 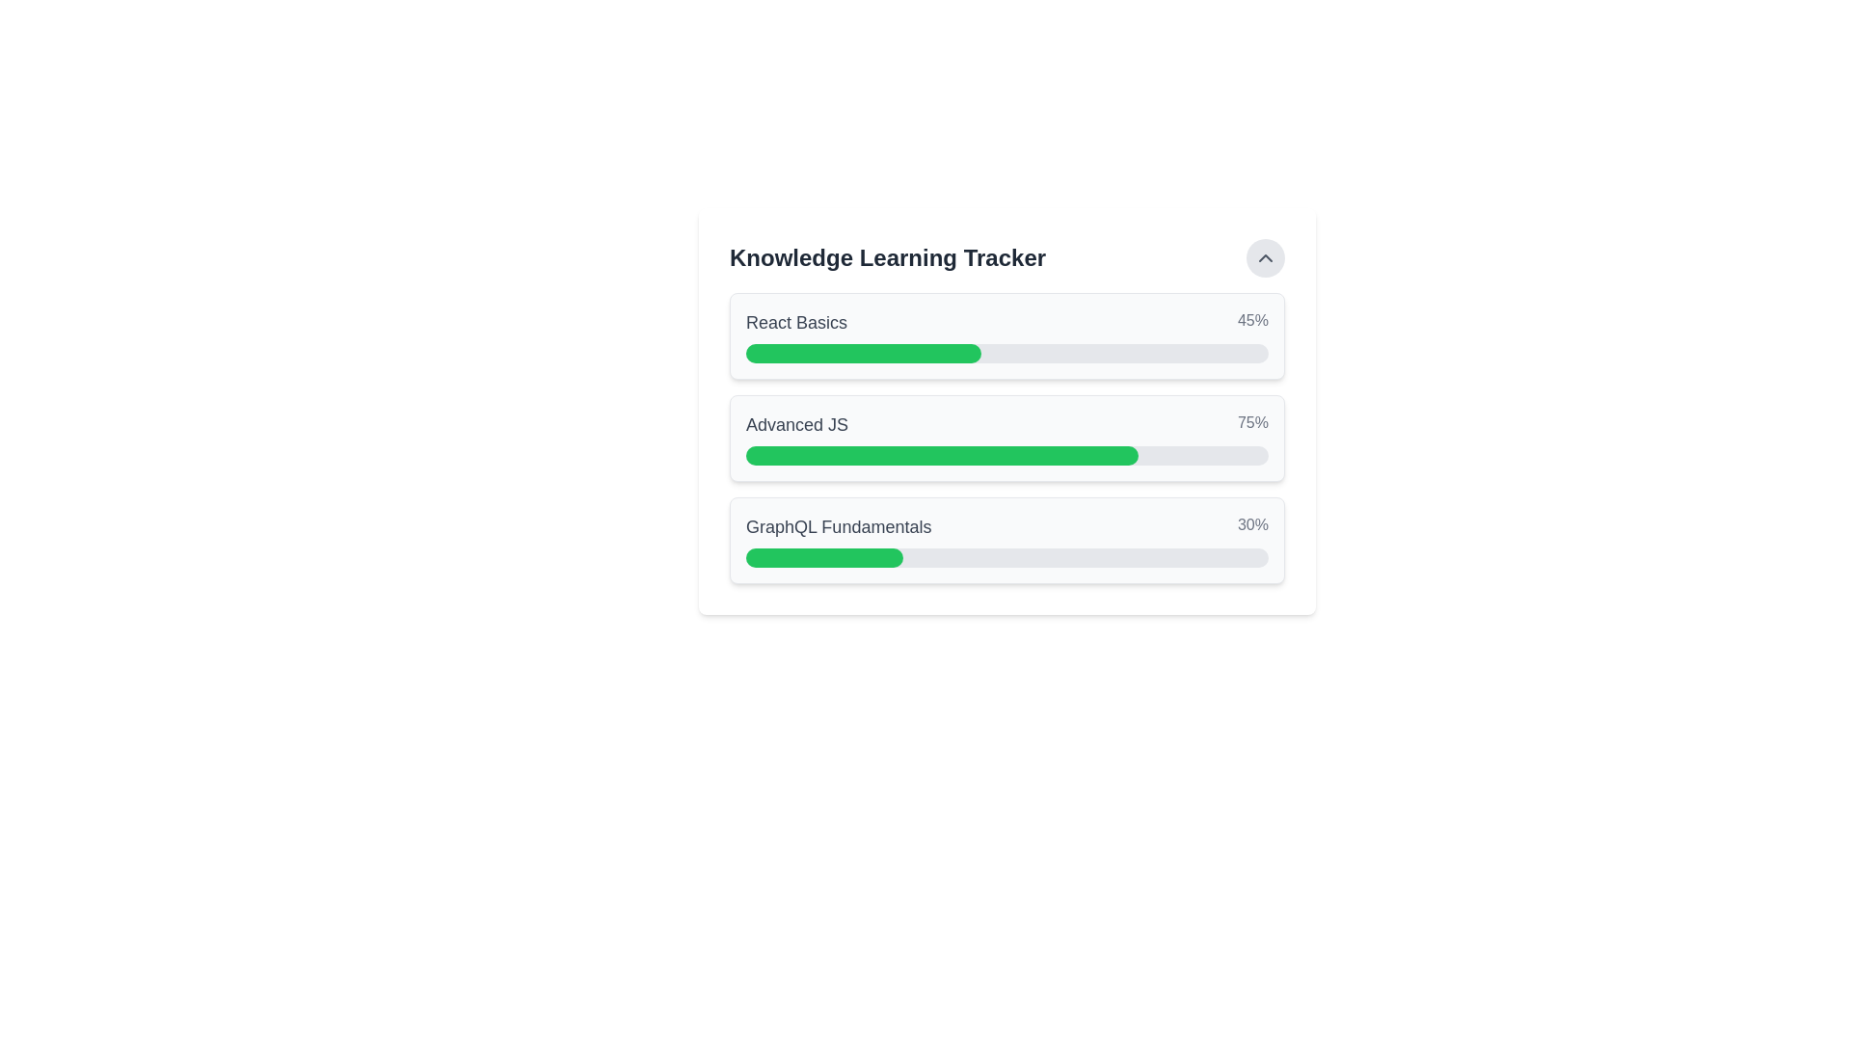 I want to click on the green progress bar that is part of the 'React Basics' learning tracker, which occupies approximately 45% of the light gray rounded-corner bar, so click(x=862, y=353).